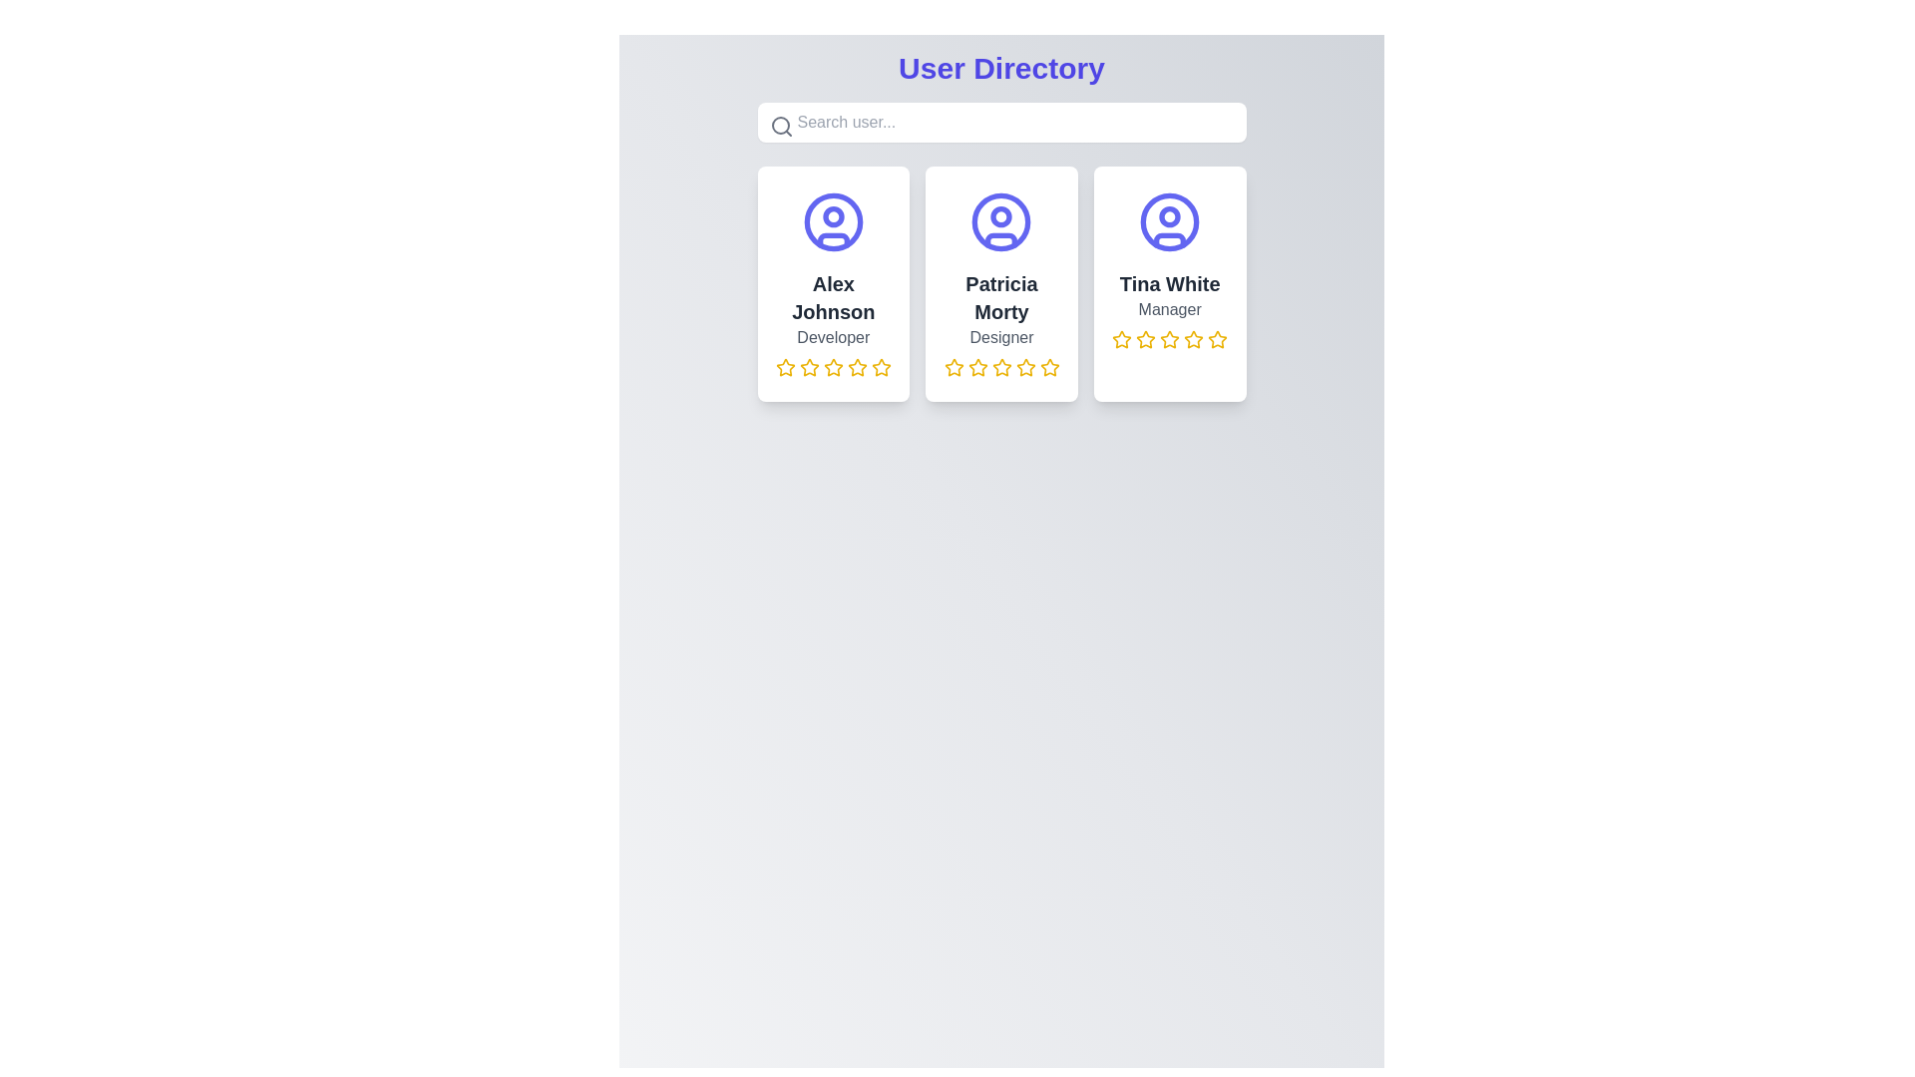 The height and width of the screenshot is (1077, 1915). What do you see at coordinates (880, 368) in the screenshot?
I see `the fifth yellow outlined star icon with a transparent center located under the name 'Alex Johnson' in the first user card on the left` at bounding box center [880, 368].